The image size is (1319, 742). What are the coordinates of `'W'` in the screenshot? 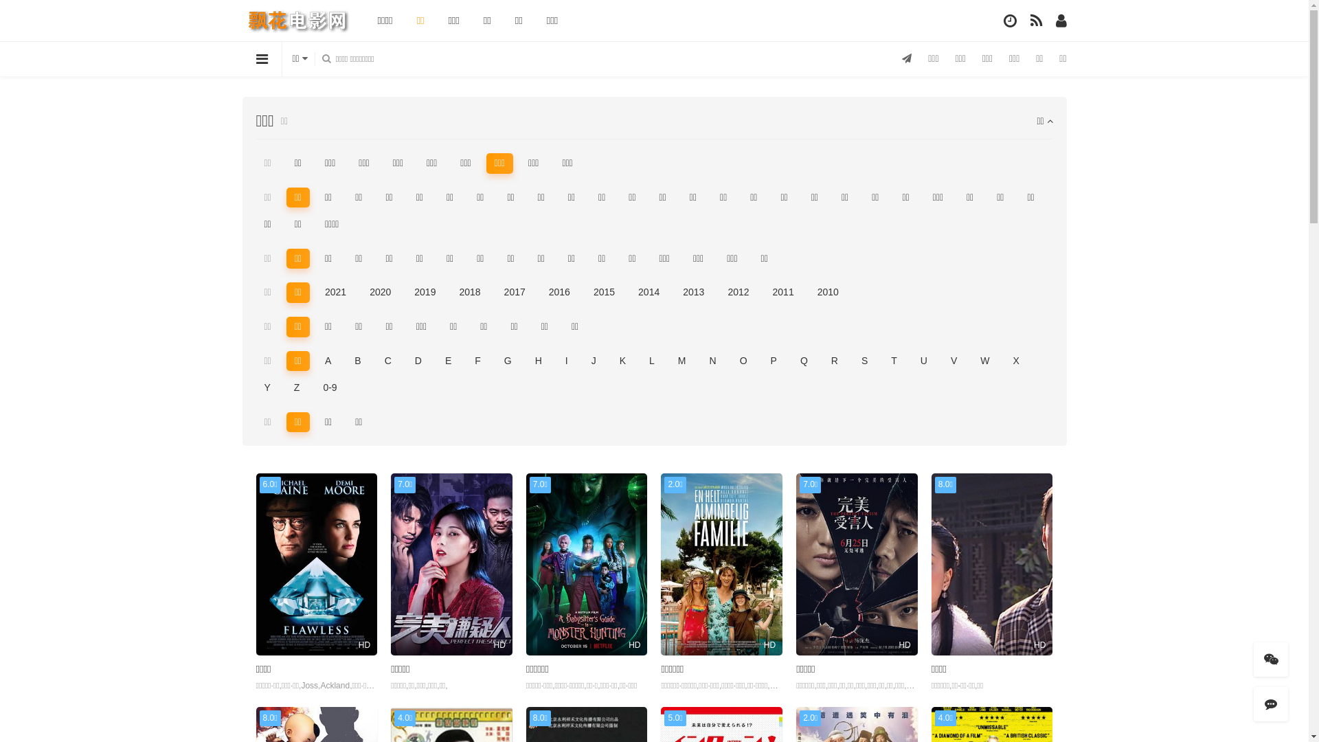 It's located at (984, 360).